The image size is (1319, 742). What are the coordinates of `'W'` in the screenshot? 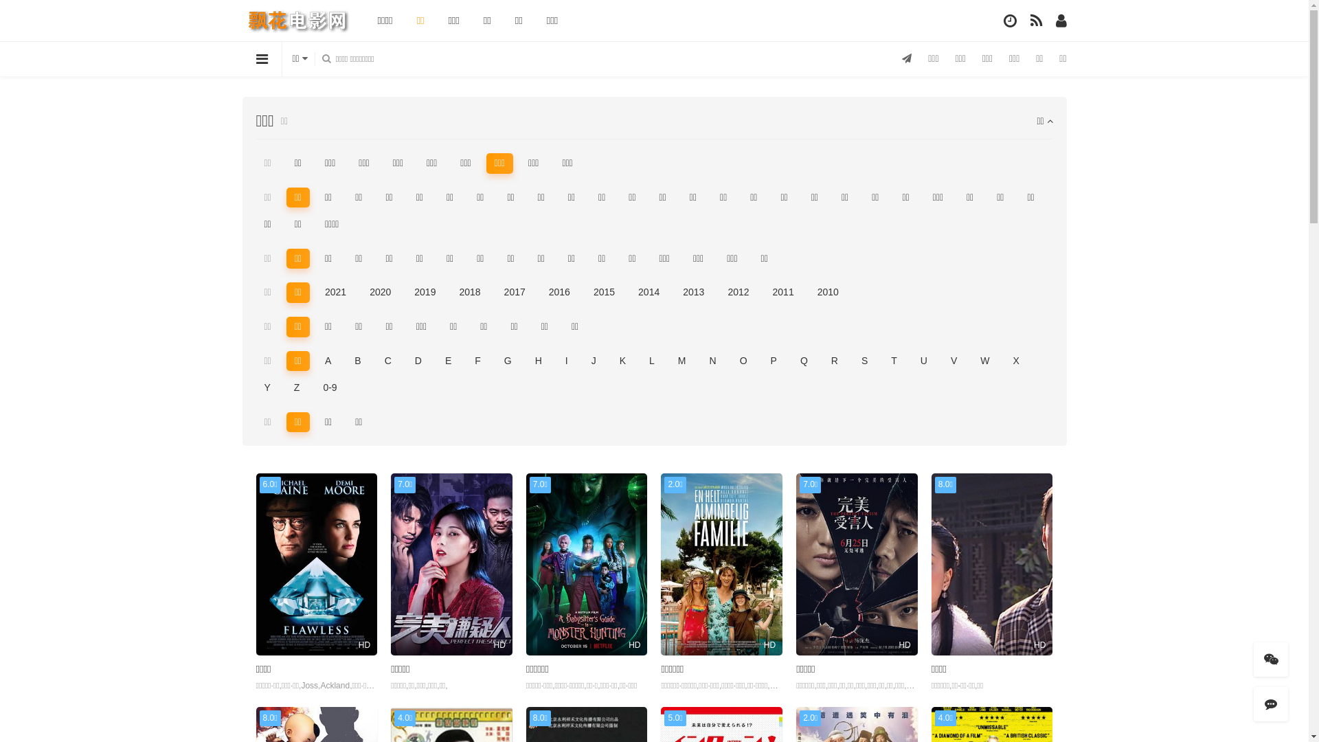 It's located at (984, 360).